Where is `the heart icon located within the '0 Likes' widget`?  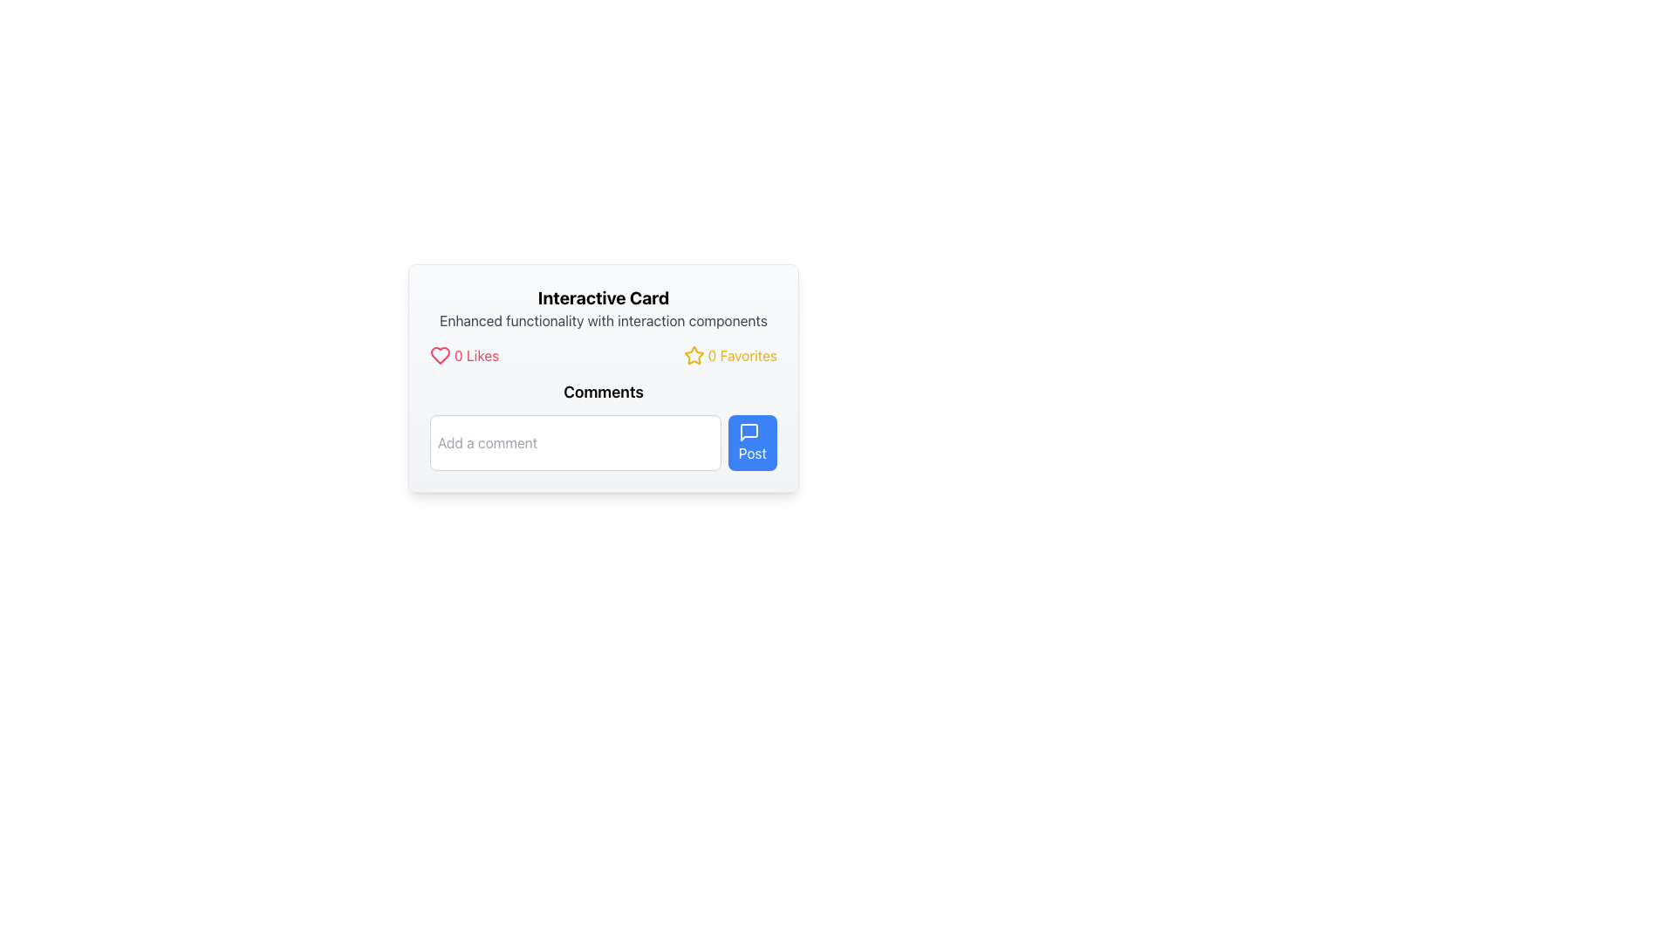
the heart icon located within the '0 Likes' widget is located at coordinates (440, 355).